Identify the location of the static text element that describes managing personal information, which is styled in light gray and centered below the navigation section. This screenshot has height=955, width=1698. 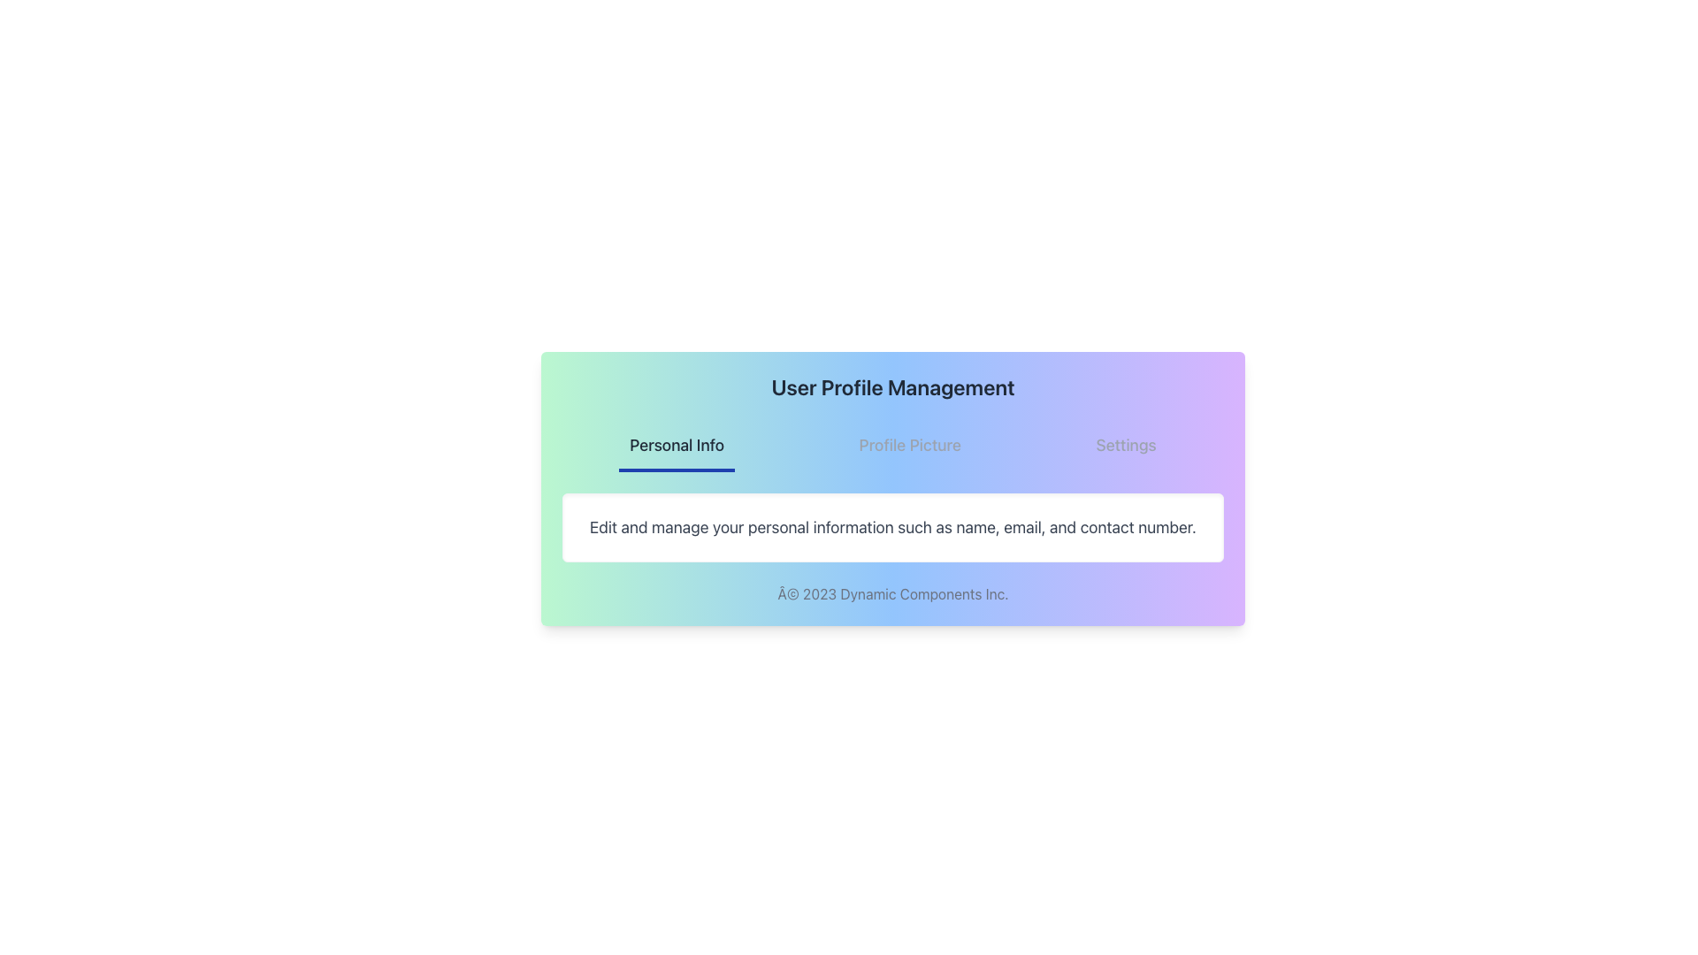
(892, 527).